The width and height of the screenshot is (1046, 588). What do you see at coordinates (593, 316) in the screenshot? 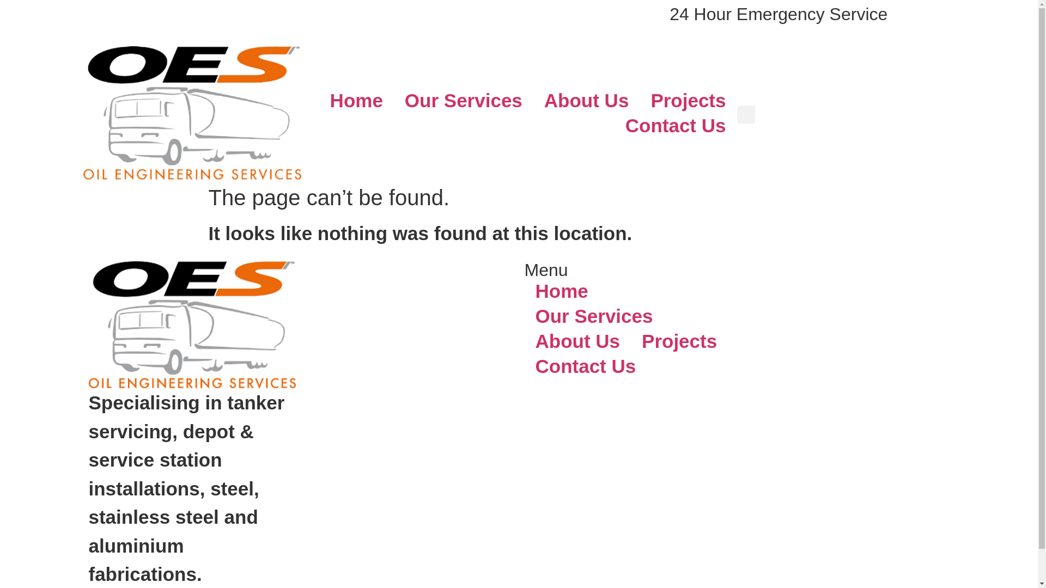
I see `'Our Services'` at bounding box center [593, 316].